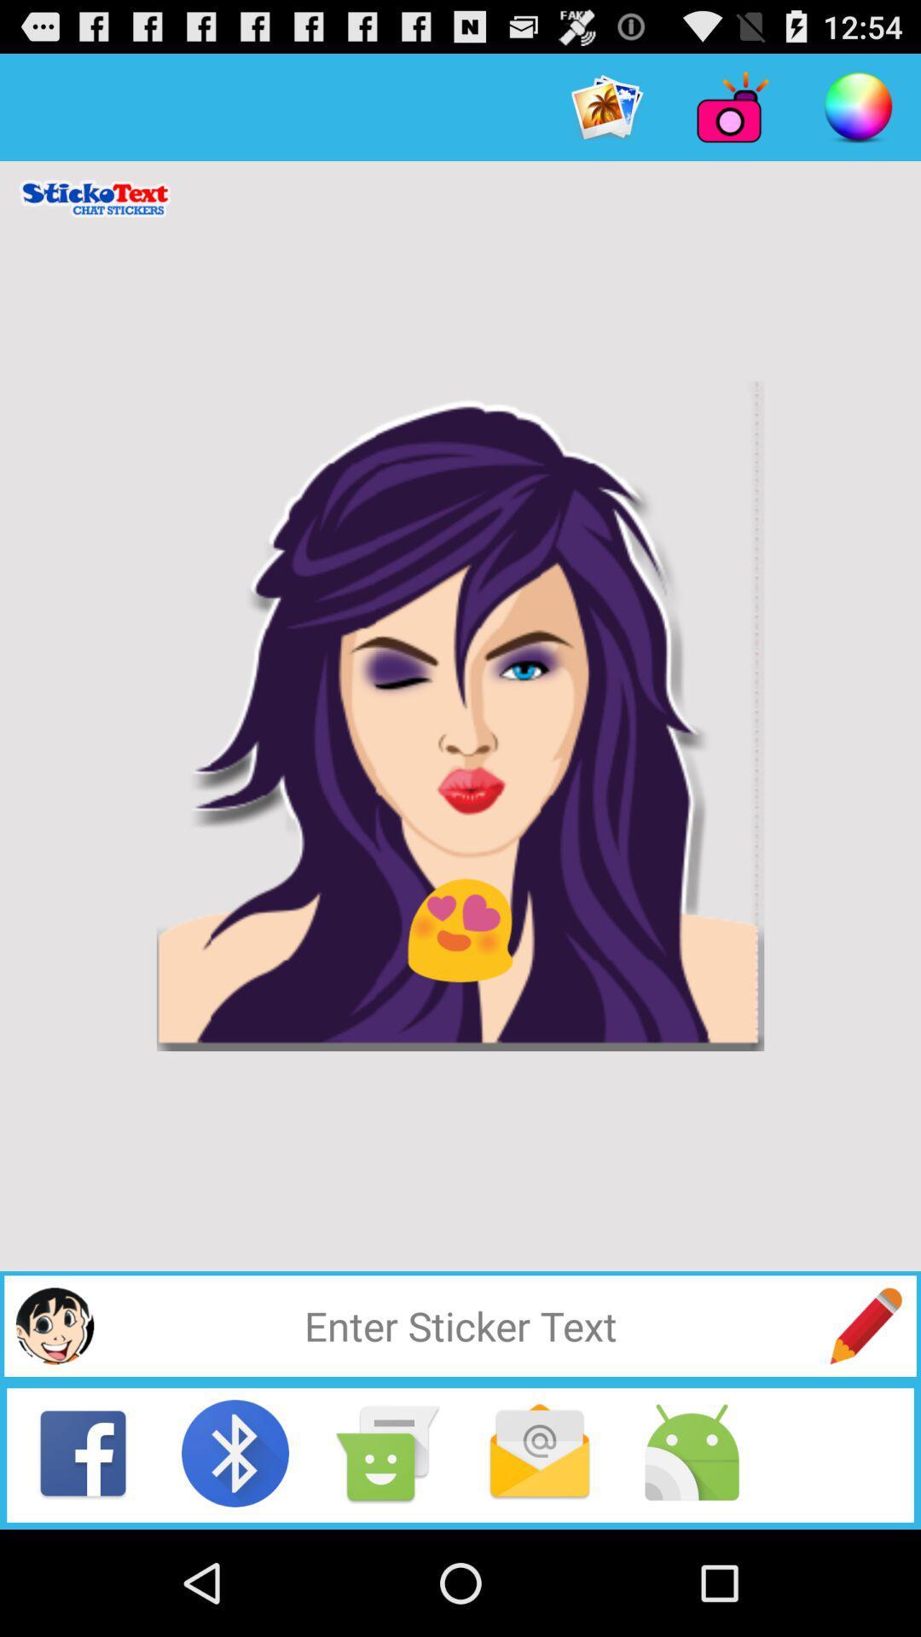 The height and width of the screenshot is (1637, 921). Describe the element at coordinates (692, 1452) in the screenshot. I see `android share` at that location.